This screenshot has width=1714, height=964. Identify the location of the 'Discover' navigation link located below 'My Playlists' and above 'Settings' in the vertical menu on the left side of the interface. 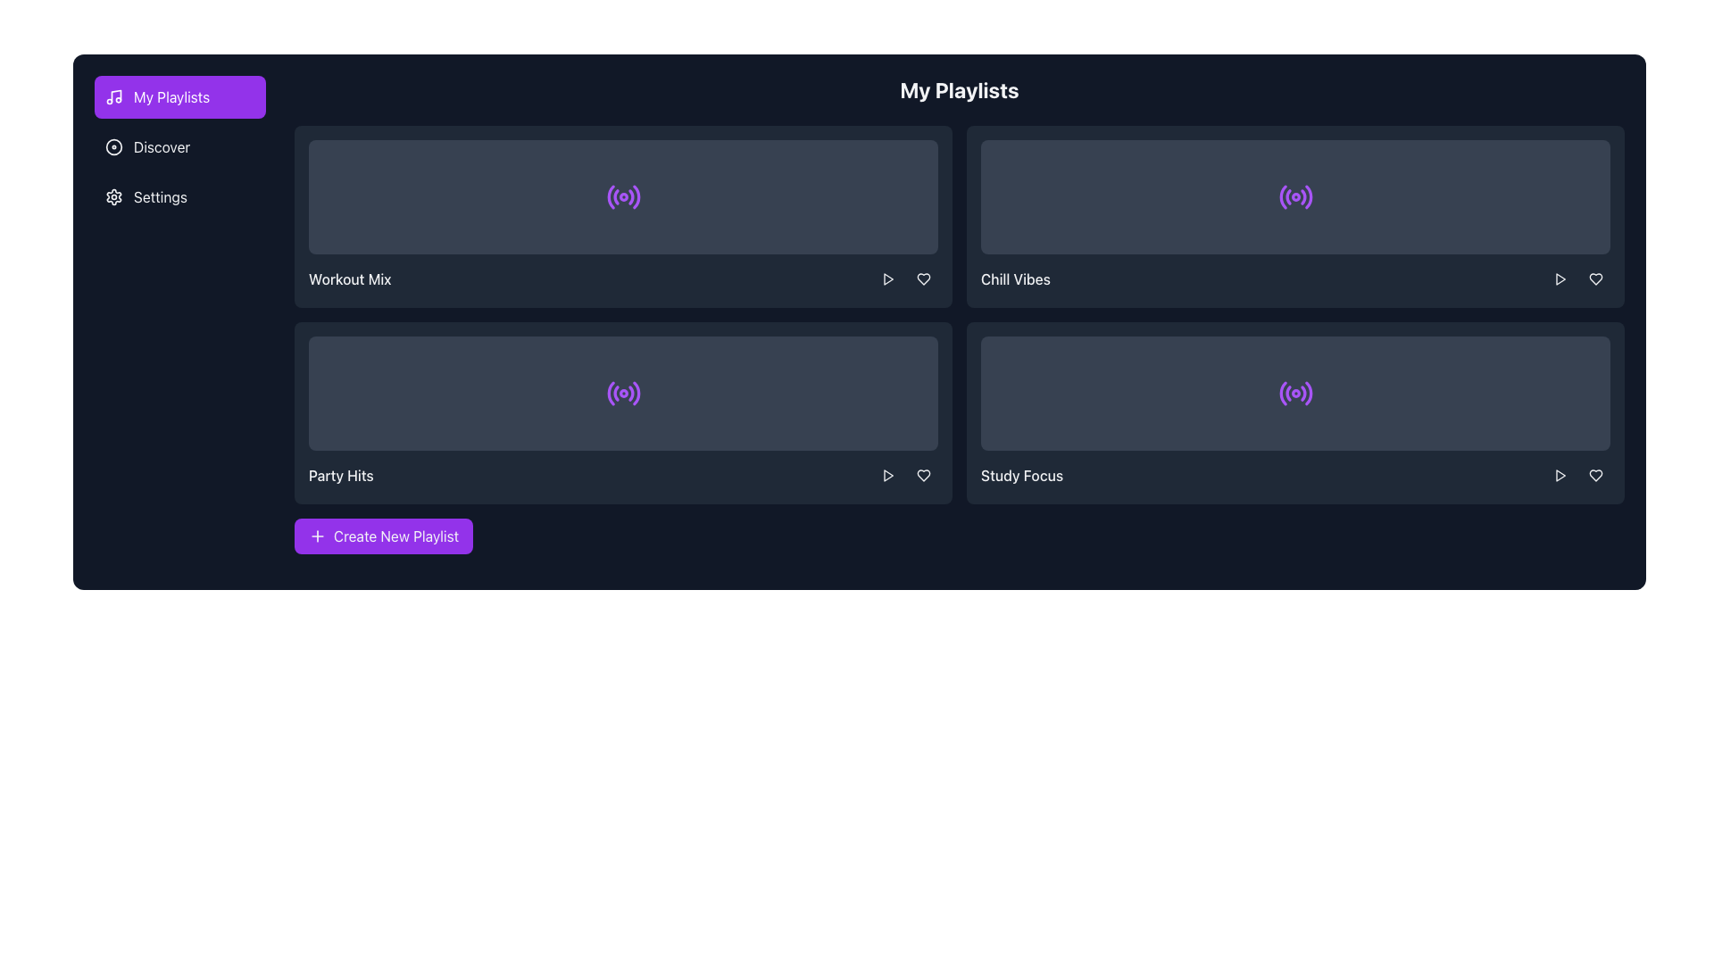
(162, 146).